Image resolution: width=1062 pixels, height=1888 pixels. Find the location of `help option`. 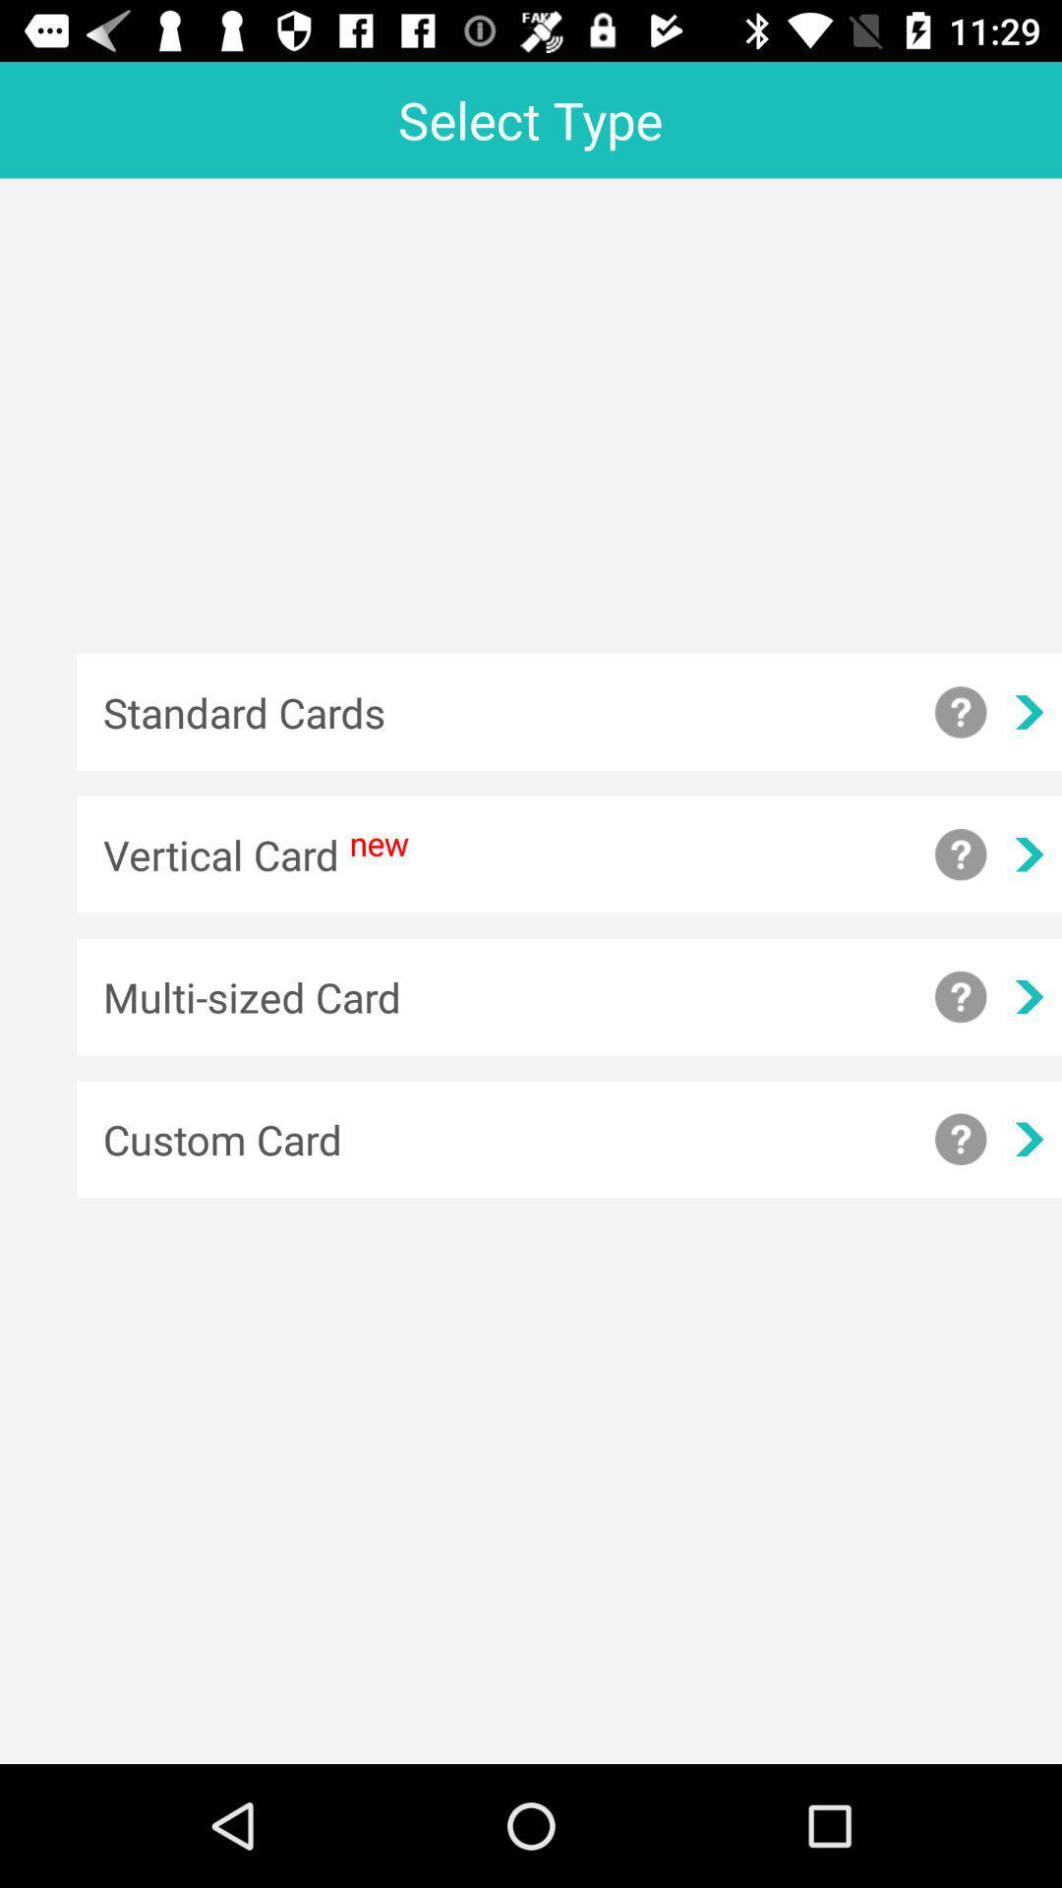

help option is located at coordinates (960, 855).